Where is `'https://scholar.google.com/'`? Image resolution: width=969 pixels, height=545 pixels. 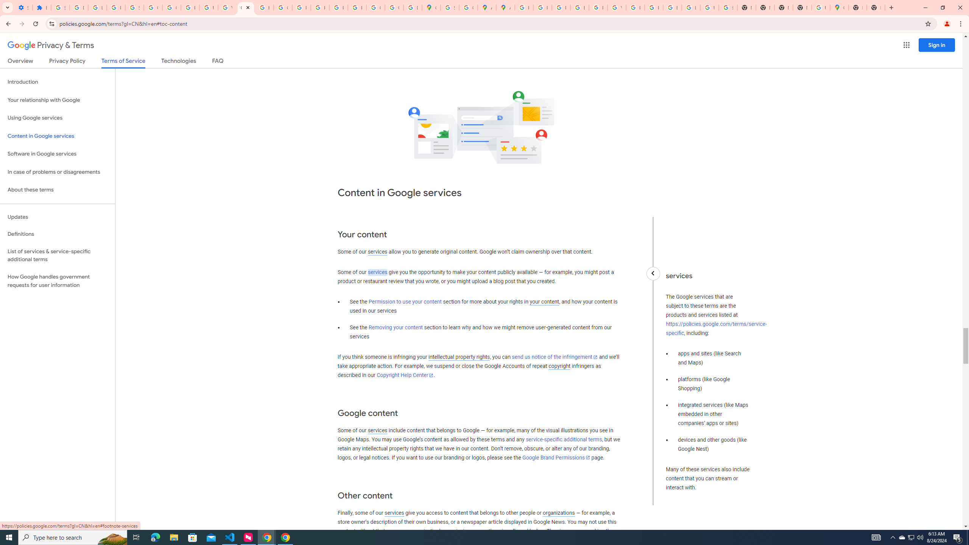 'https://scholar.google.com/' is located at coordinates (264, 7).